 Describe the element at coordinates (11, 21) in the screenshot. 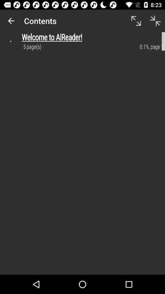

I see `app next to the contents app` at that location.